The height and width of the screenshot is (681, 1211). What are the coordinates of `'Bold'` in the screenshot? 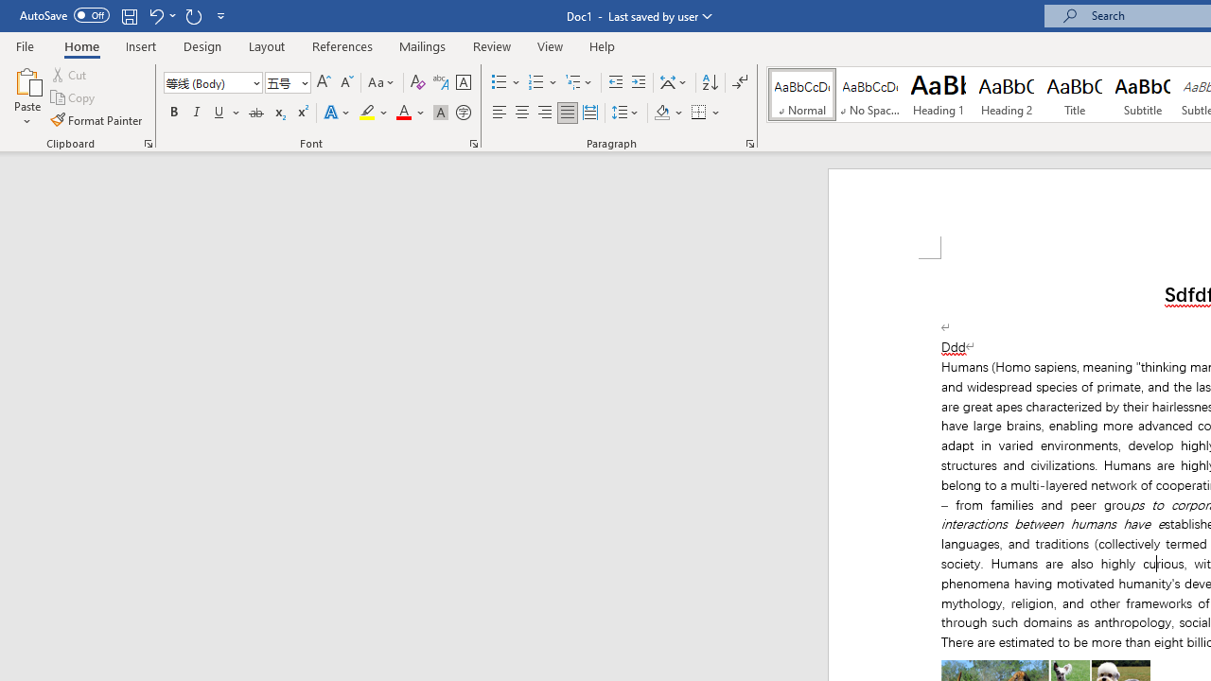 It's located at (173, 113).